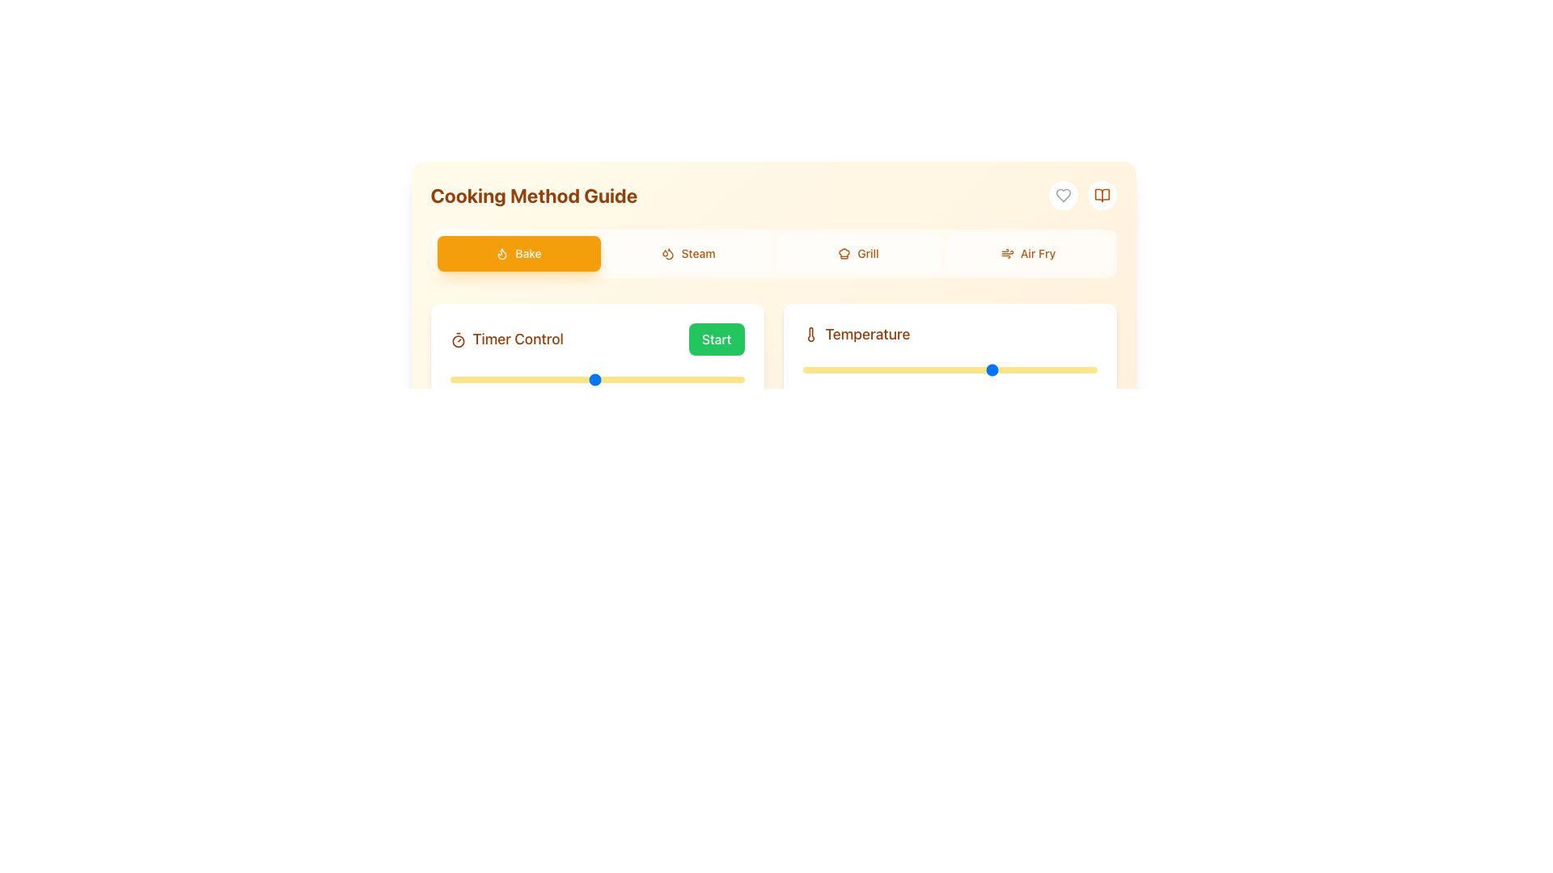 The image size is (1553, 873). What do you see at coordinates (829, 370) in the screenshot?
I see `the slider` at bounding box center [829, 370].